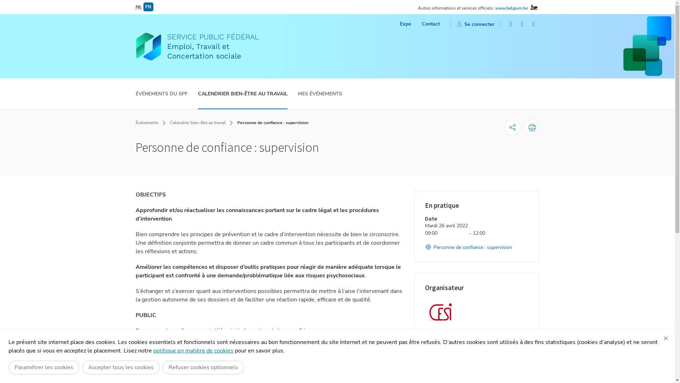  Describe the element at coordinates (147, 7) in the screenshot. I see `'FR'` at that location.